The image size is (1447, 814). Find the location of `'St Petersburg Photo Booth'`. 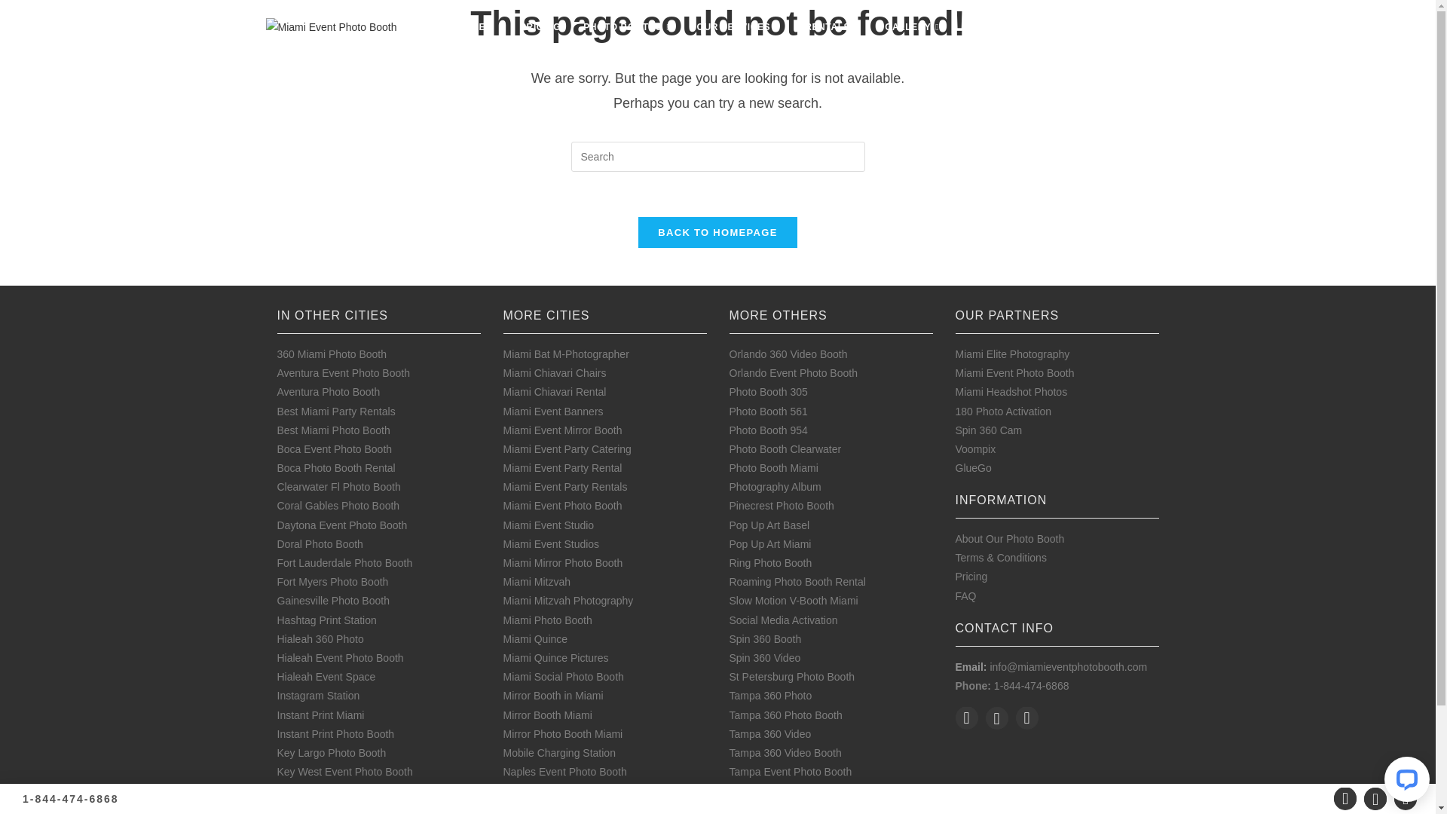

'St Petersburg Photo Booth' is located at coordinates (791, 676).